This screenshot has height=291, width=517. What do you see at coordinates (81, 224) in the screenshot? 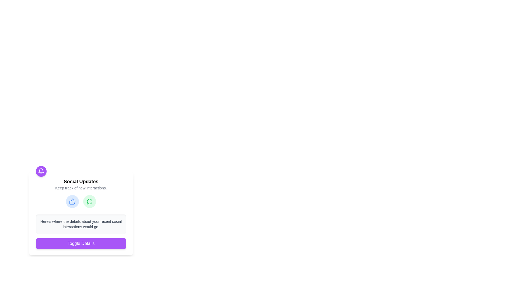
I see `the Text Display that has a light gray background and contains the text: "Here's where the details about your recent social interactions would go."` at bounding box center [81, 224].